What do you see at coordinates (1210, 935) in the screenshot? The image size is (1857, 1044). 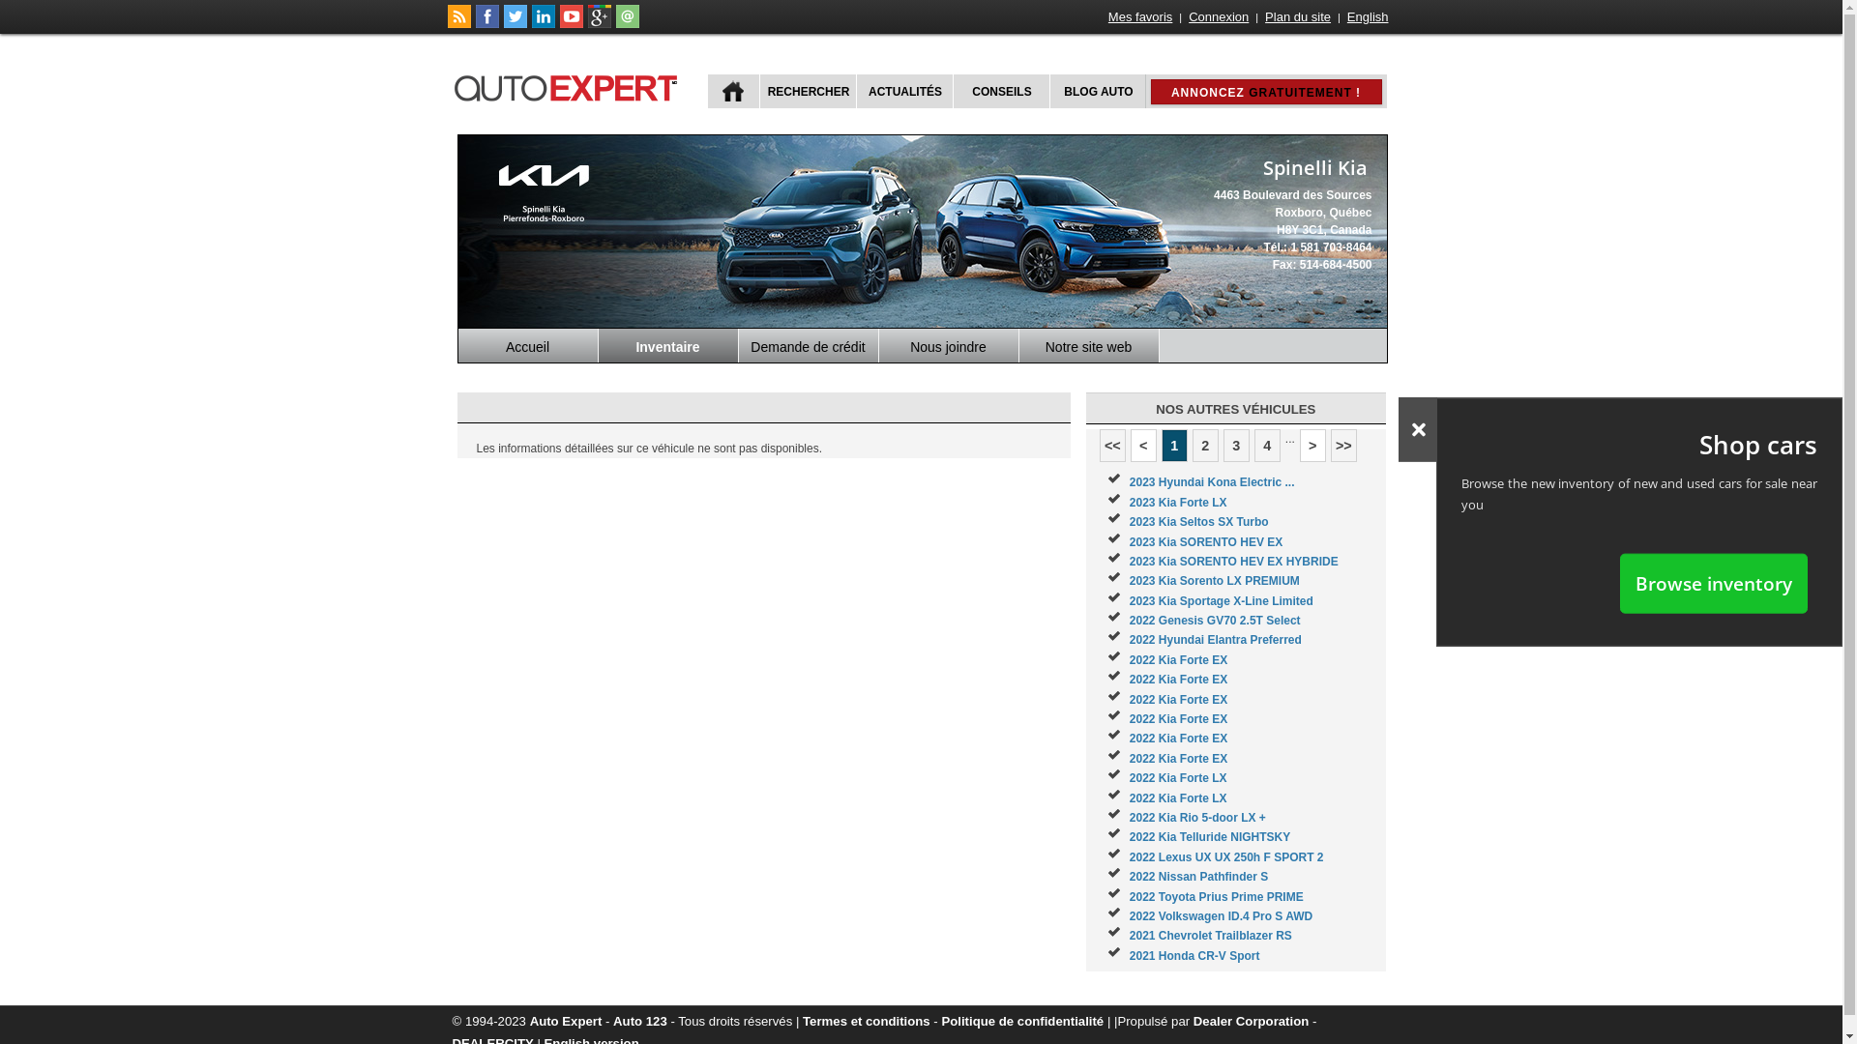 I see `'2021 Chevrolet Trailblazer RS'` at bounding box center [1210, 935].